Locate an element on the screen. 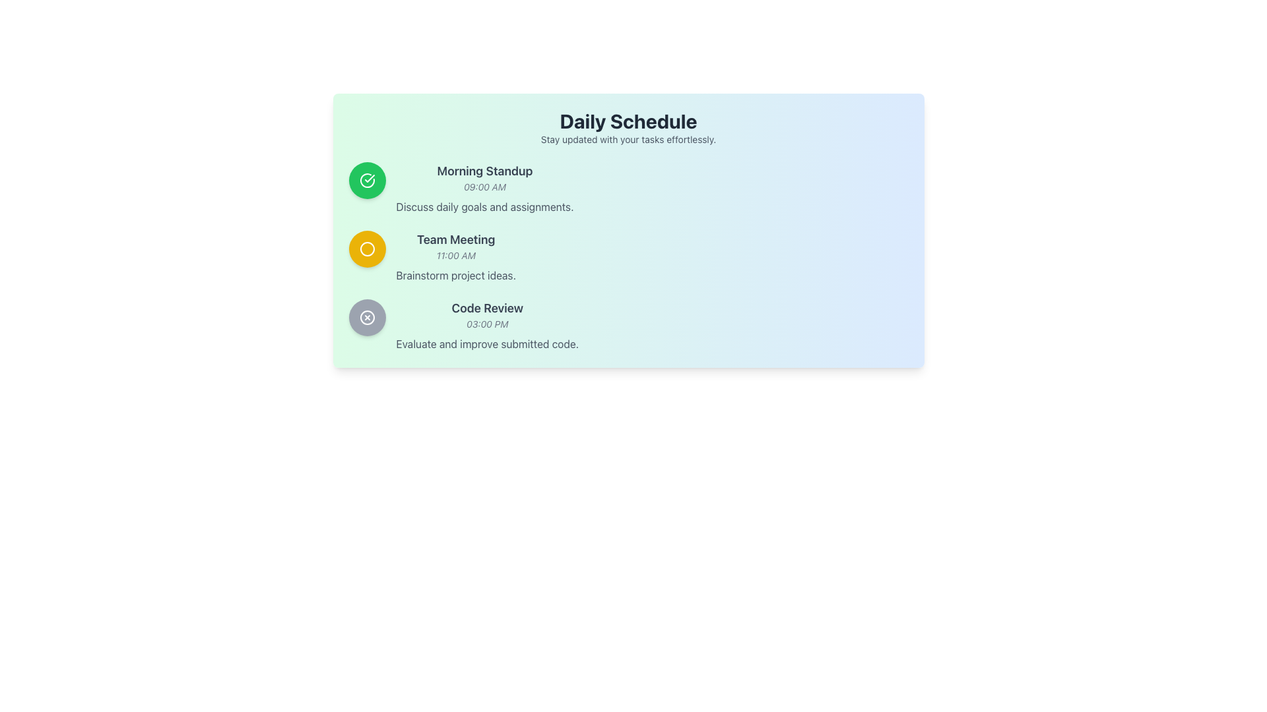  the 'Team Meeting' icon, which is the second circular icon in a vertical list on the left side of the card is located at coordinates (367, 249).